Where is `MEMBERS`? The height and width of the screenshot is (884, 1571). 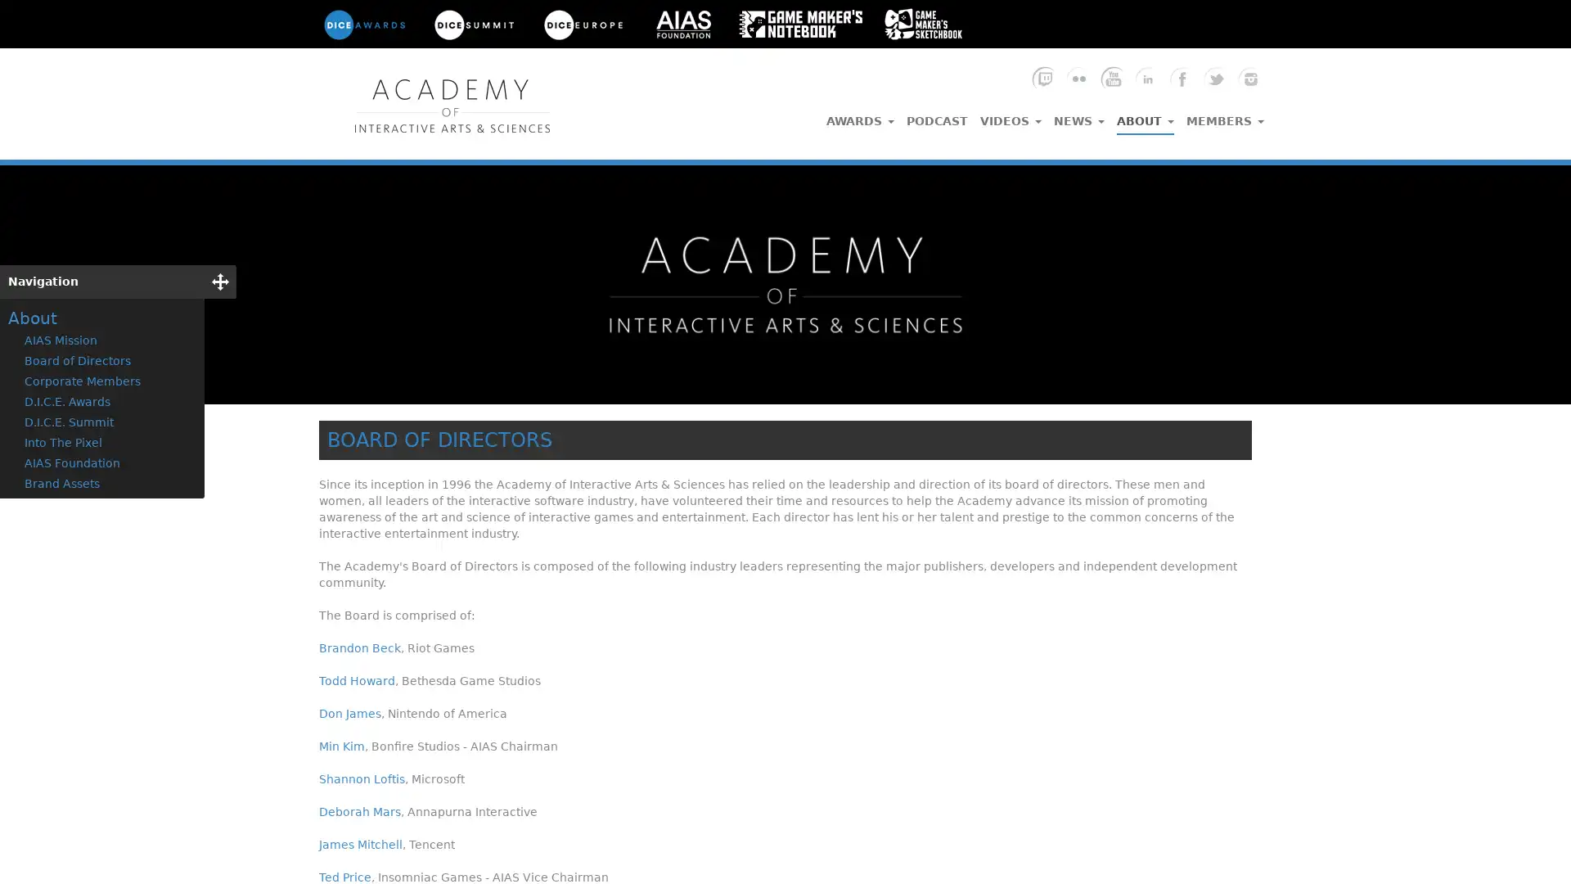 MEMBERS is located at coordinates (1225, 115).